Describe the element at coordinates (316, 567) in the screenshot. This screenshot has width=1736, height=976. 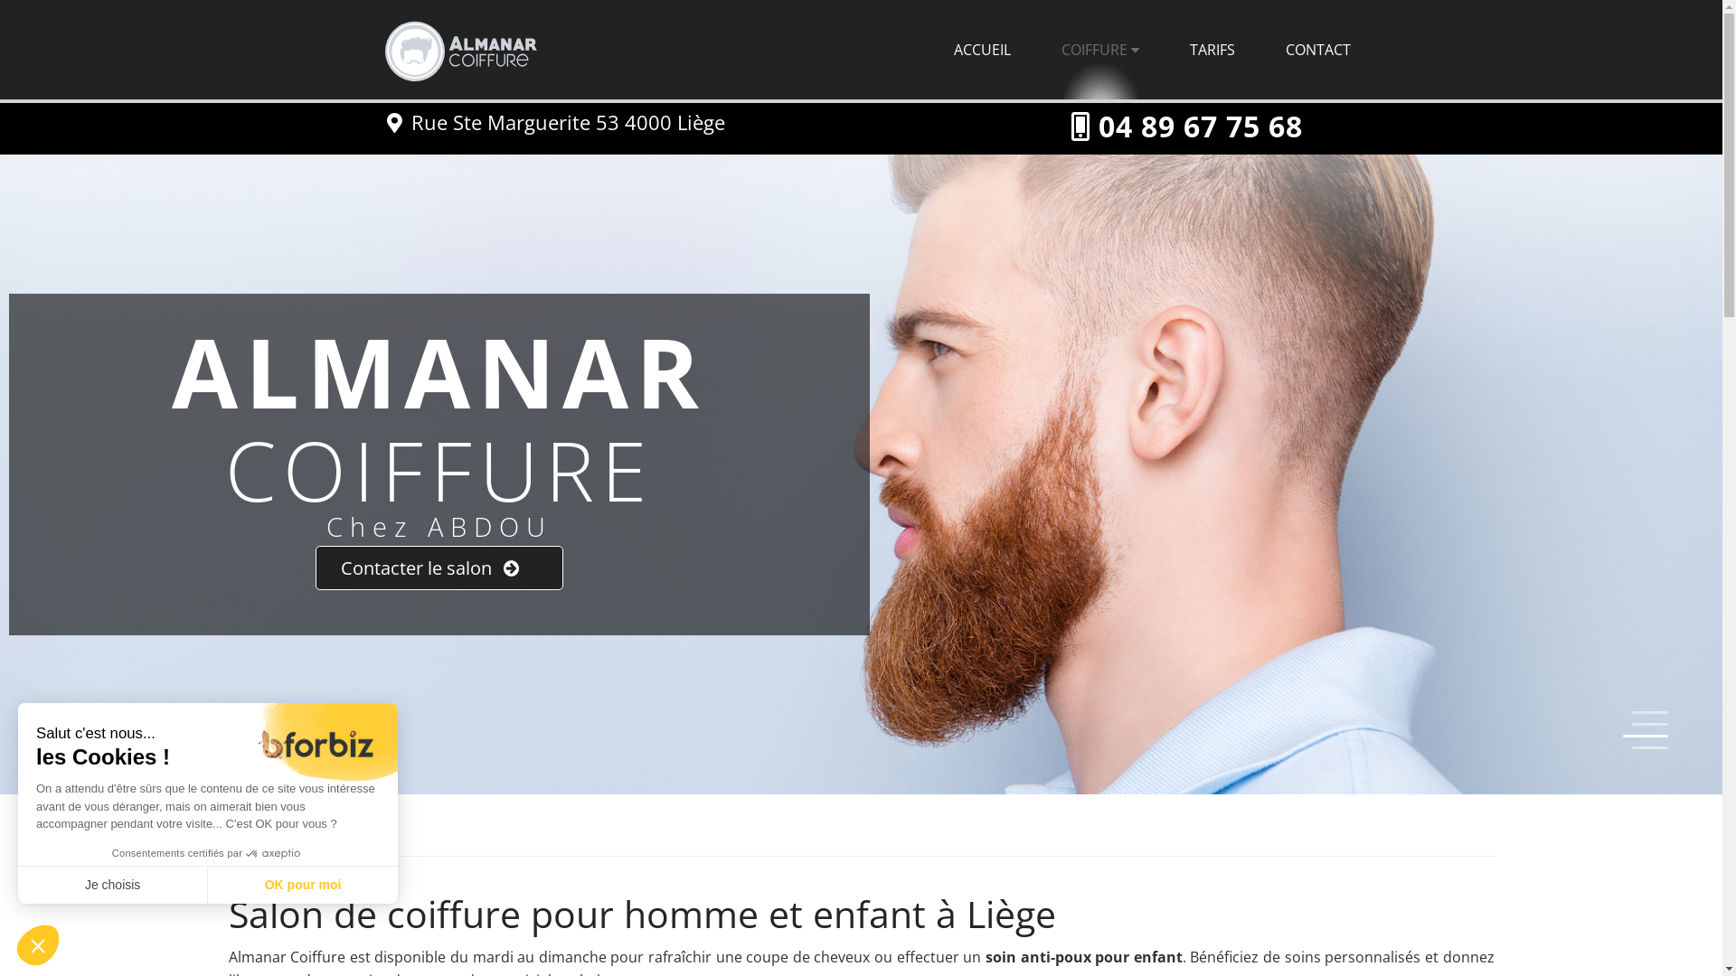
I see `'Contacter le salon'` at that location.